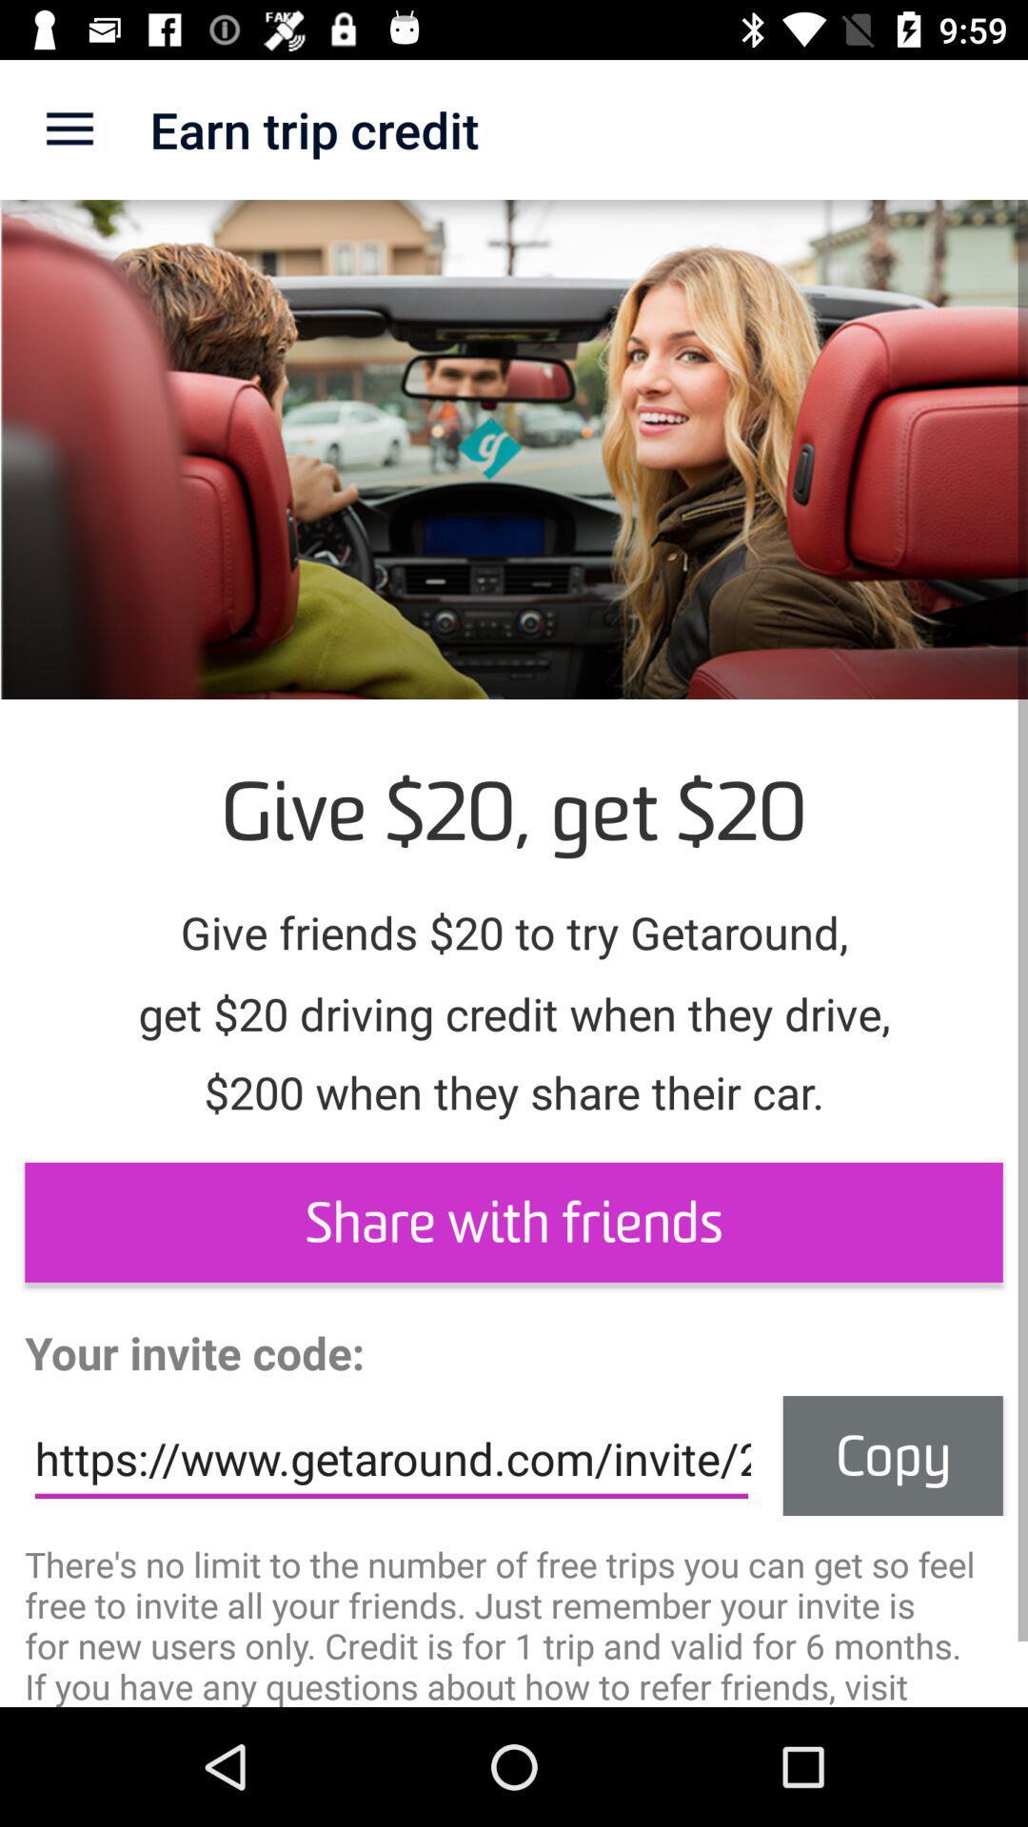 Image resolution: width=1028 pixels, height=1827 pixels. Describe the element at coordinates (390, 1458) in the screenshot. I see `item below your invite code:` at that location.